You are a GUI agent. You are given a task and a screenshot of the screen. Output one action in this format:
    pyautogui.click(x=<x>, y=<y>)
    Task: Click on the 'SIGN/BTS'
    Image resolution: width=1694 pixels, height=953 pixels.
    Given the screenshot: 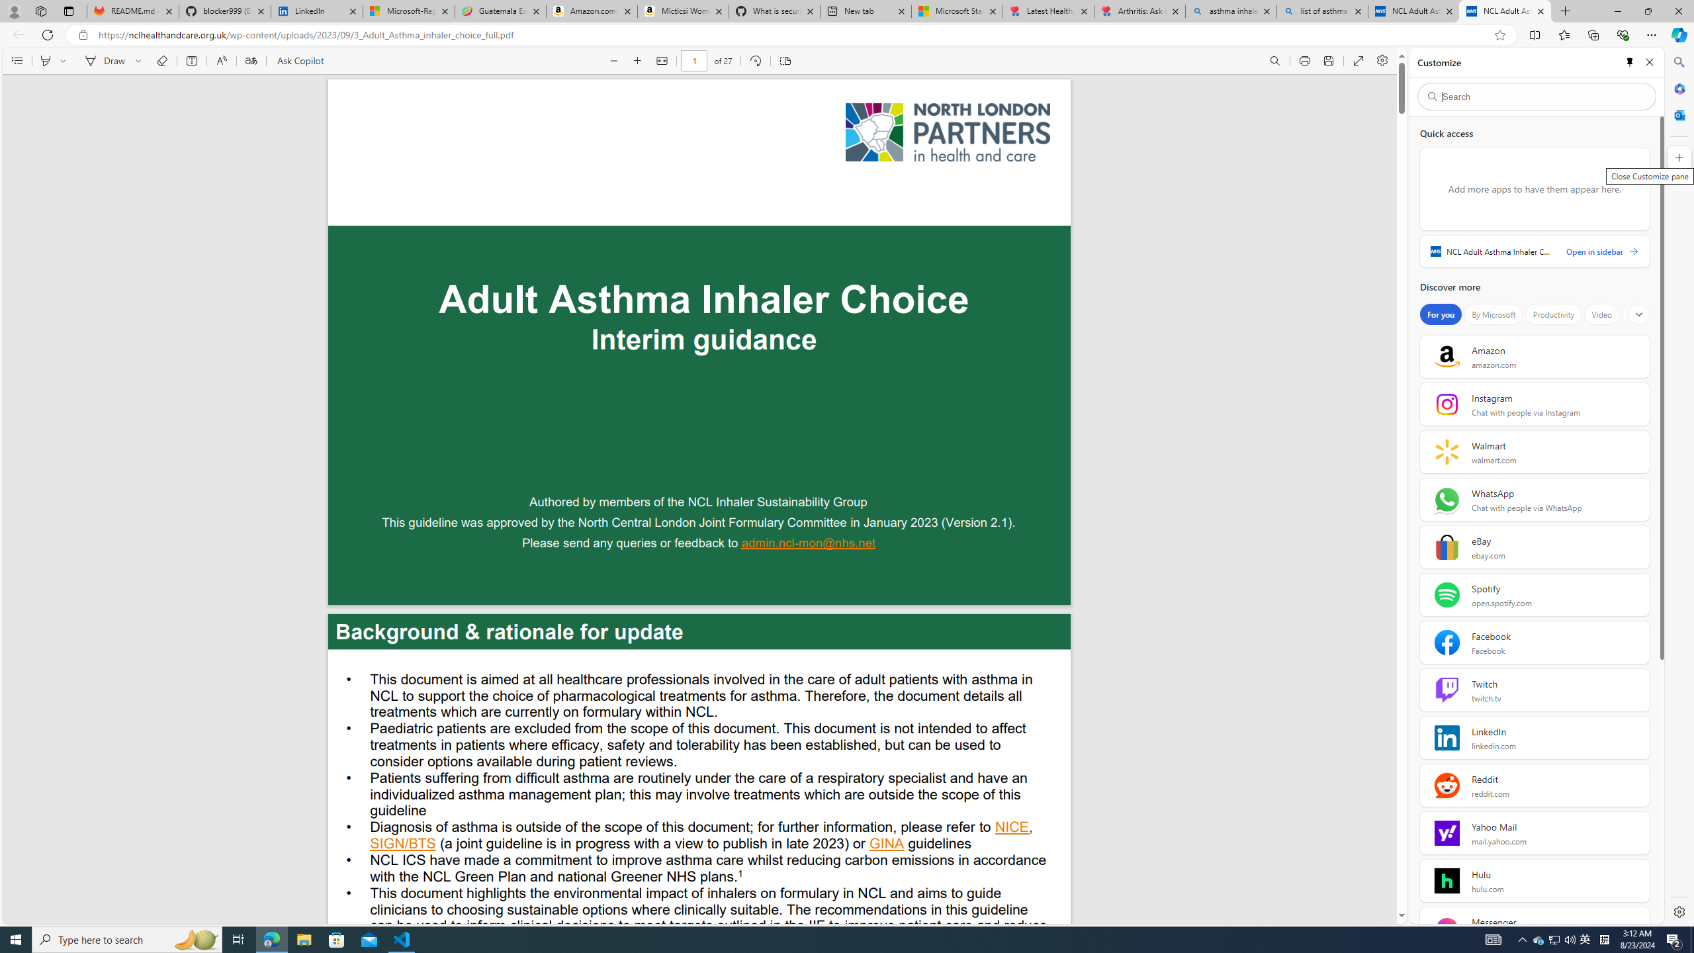 What is the action you would take?
    pyautogui.click(x=402, y=844)
    